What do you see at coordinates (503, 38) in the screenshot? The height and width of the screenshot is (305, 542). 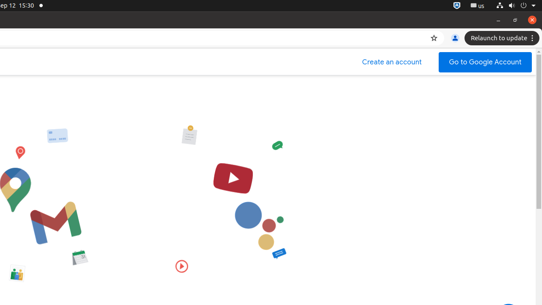 I see `'Relaunch to update'` at bounding box center [503, 38].